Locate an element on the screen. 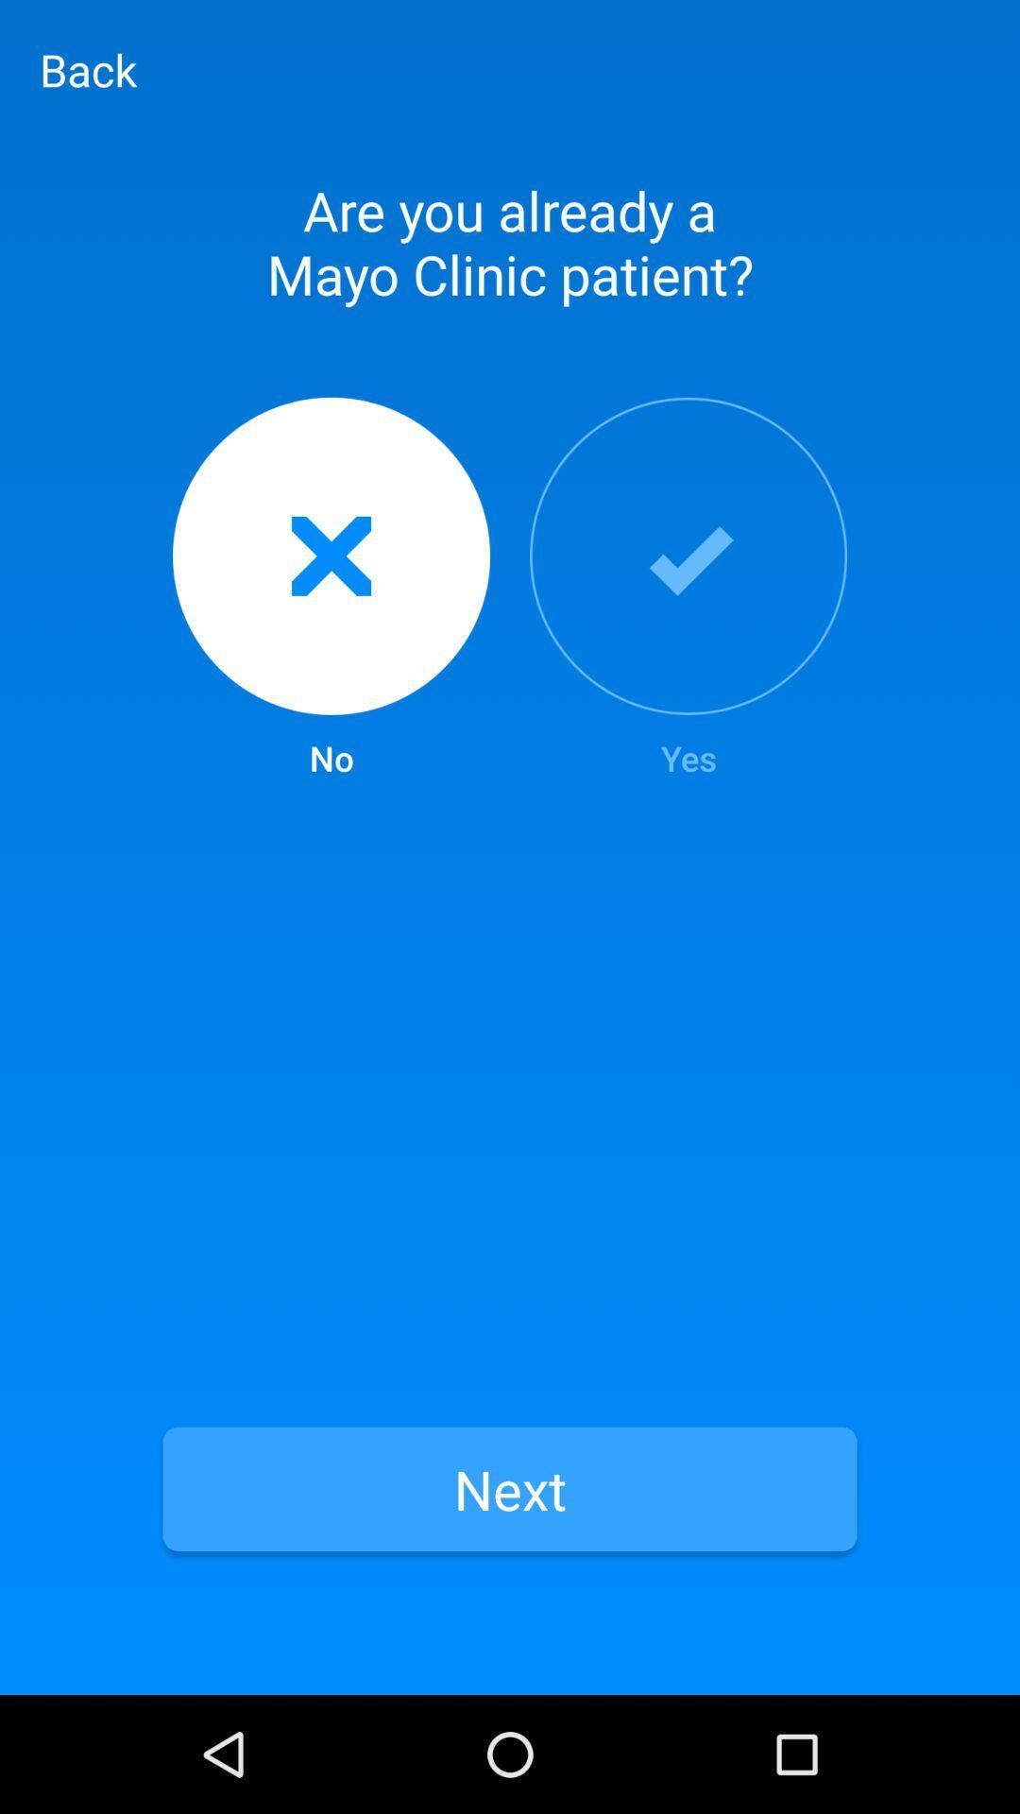 The image size is (1020, 1814). icon to the left of yes is located at coordinates (331, 589).